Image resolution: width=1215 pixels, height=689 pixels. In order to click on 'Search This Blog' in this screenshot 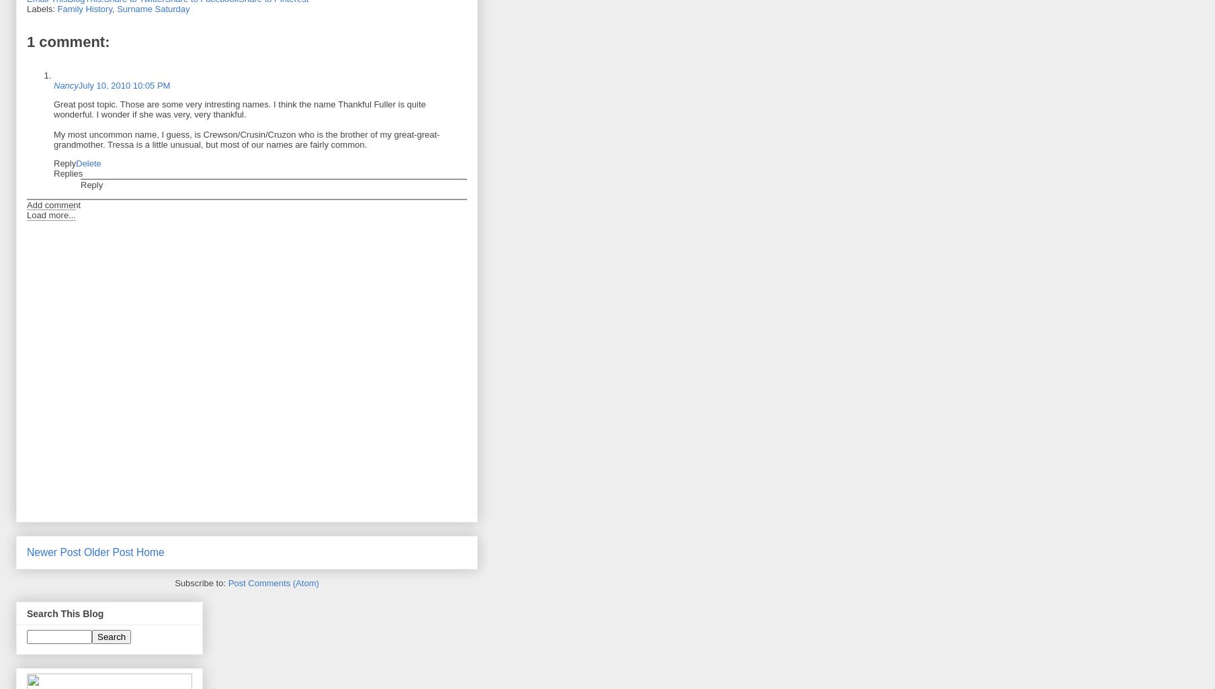, I will do `click(65, 612)`.